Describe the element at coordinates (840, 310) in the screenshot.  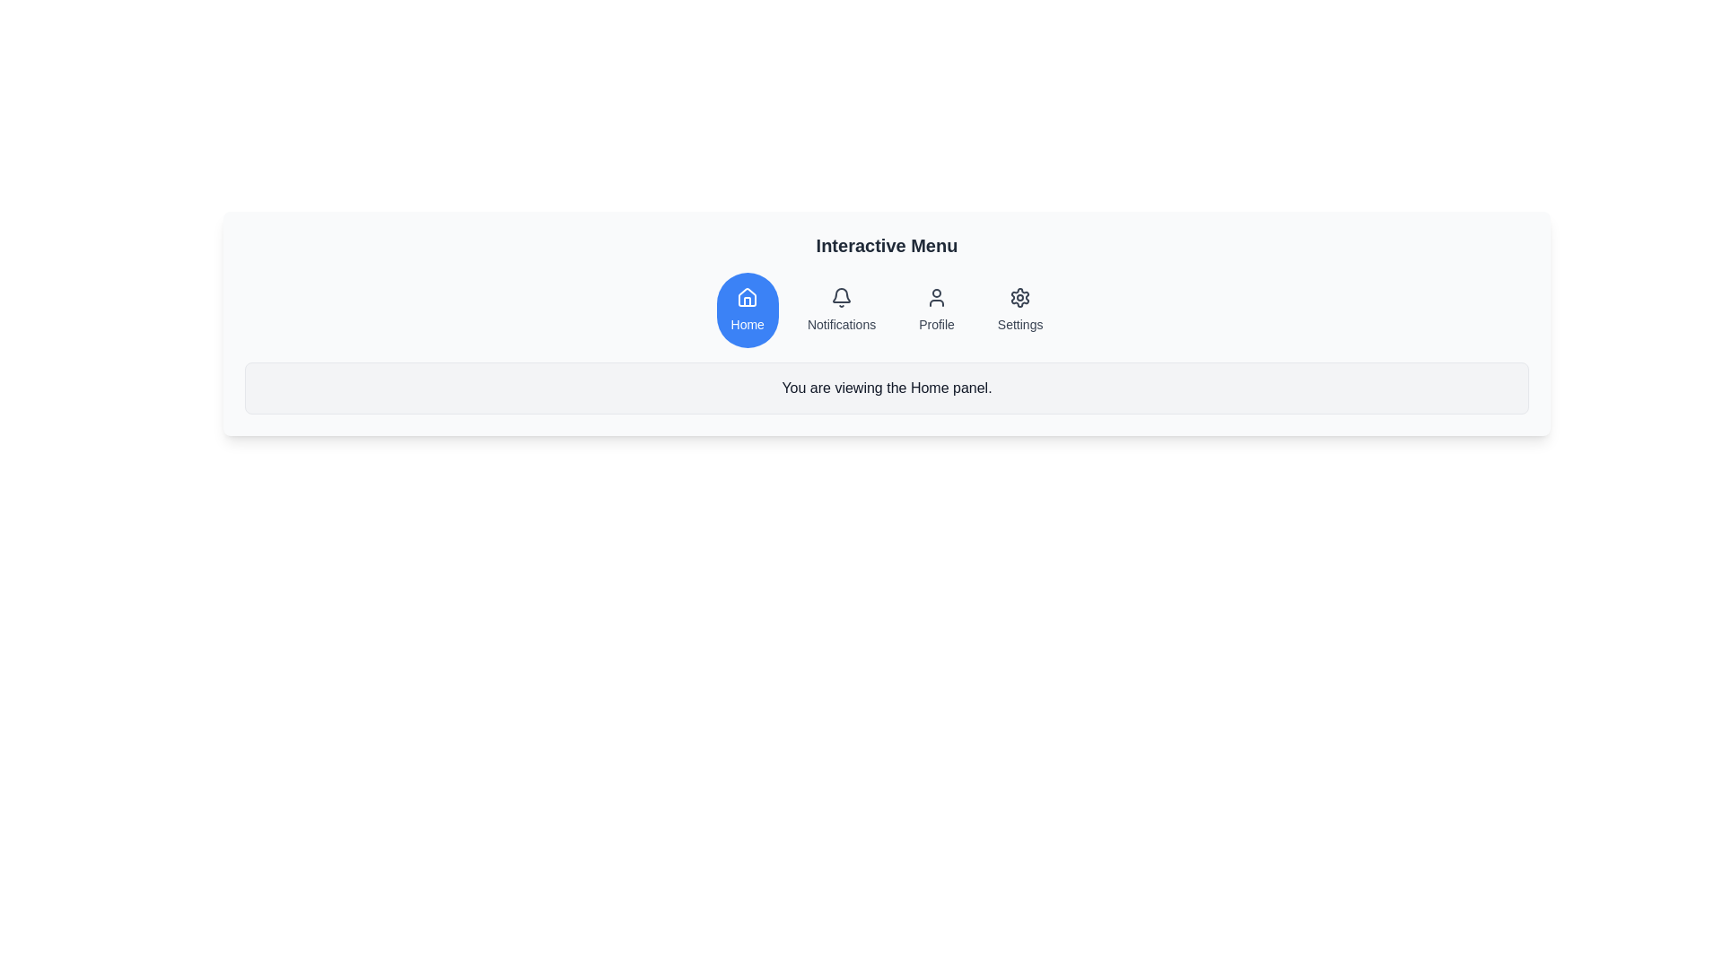
I see `the Notifications button, which features a bell icon and text, positioned second in the navigation menu` at that location.